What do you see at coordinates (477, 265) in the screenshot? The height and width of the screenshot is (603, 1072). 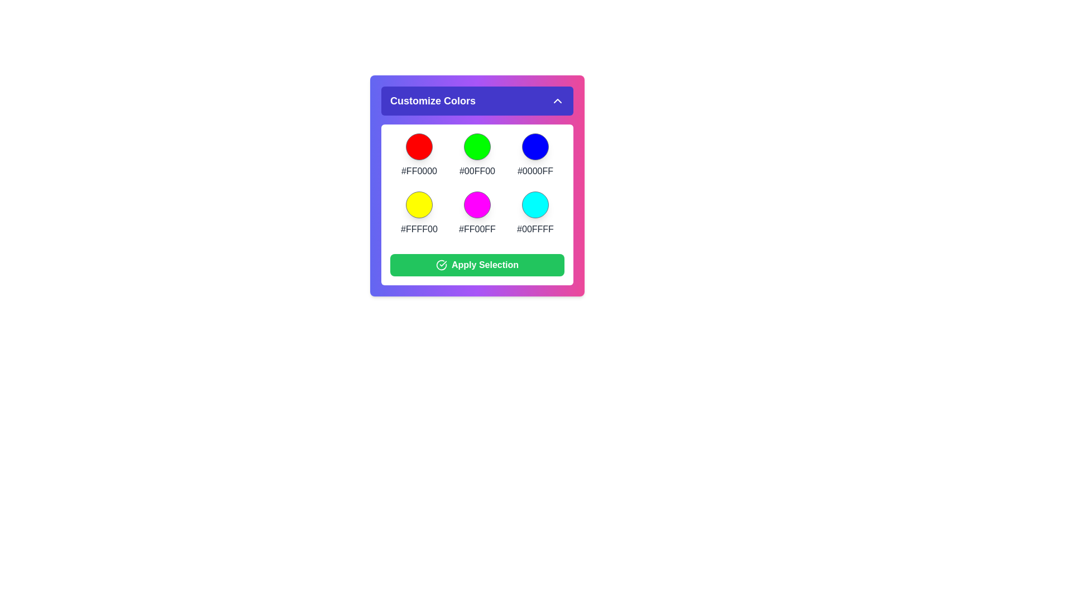 I see `'Apply Selection' button to apply the selected colors` at bounding box center [477, 265].